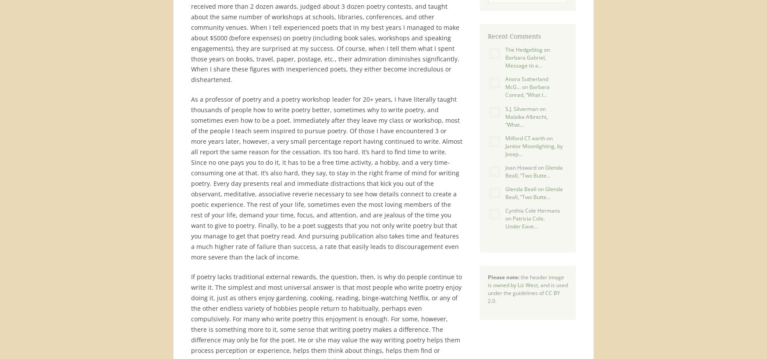 This screenshot has width=767, height=359. What do you see at coordinates (495, 300) in the screenshot?
I see `'.'` at bounding box center [495, 300].